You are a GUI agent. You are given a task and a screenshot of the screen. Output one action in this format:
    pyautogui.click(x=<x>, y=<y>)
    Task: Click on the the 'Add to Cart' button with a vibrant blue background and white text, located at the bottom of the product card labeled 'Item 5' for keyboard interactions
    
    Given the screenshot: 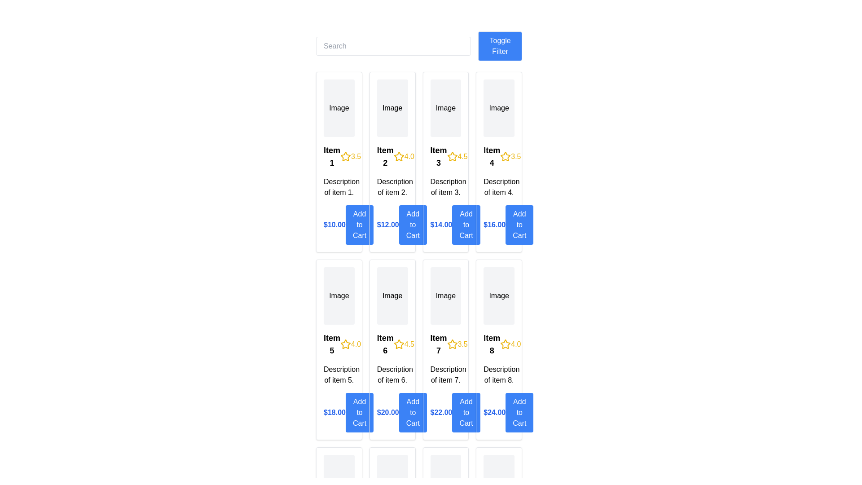 What is the action you would take?
    pyautogui.click(x=360, y=412)
    